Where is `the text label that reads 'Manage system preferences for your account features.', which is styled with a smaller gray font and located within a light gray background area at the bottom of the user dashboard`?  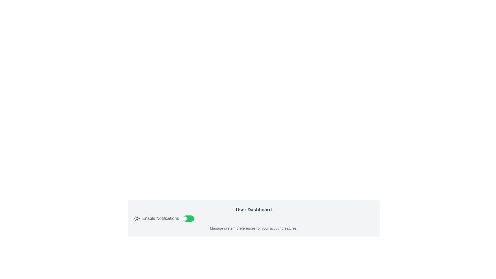 the text label that reads 'Manage system preferences for your account features.', which is styled with a smaller gray font and located within a light gray background area at the bottom of the user dashboard is located at coordinates (254, 228).